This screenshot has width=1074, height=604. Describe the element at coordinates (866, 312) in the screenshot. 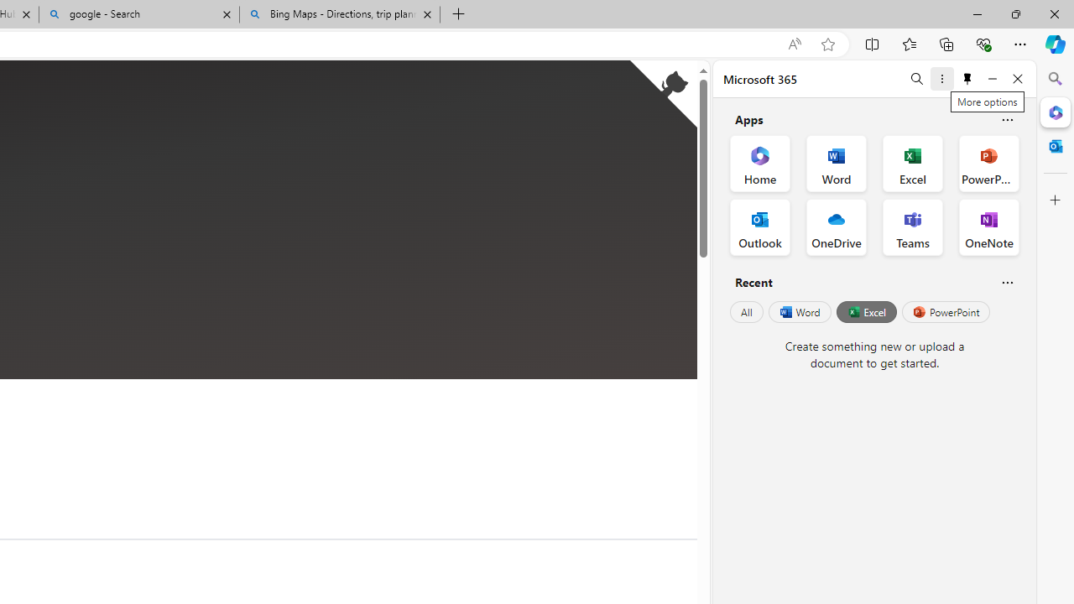

I see `'Excel'` at that location.